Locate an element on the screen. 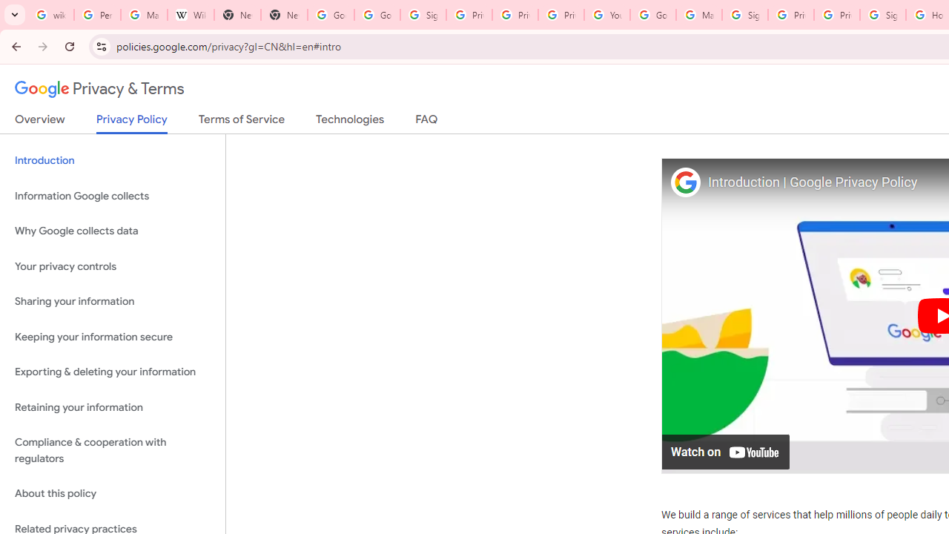 The height and width of the screenshot is (534, 949). 'New Tab' is located at coordinates (284, 15).